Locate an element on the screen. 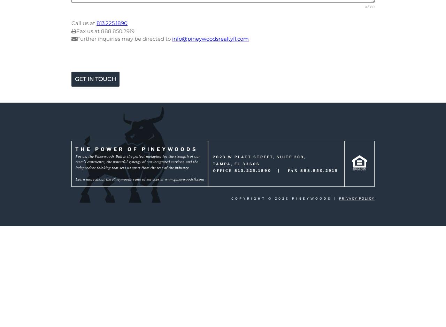 This screenshot has height=327, width=446. '2023 W Platt Street, Suite 209,' is located at coordinates (259, 157).